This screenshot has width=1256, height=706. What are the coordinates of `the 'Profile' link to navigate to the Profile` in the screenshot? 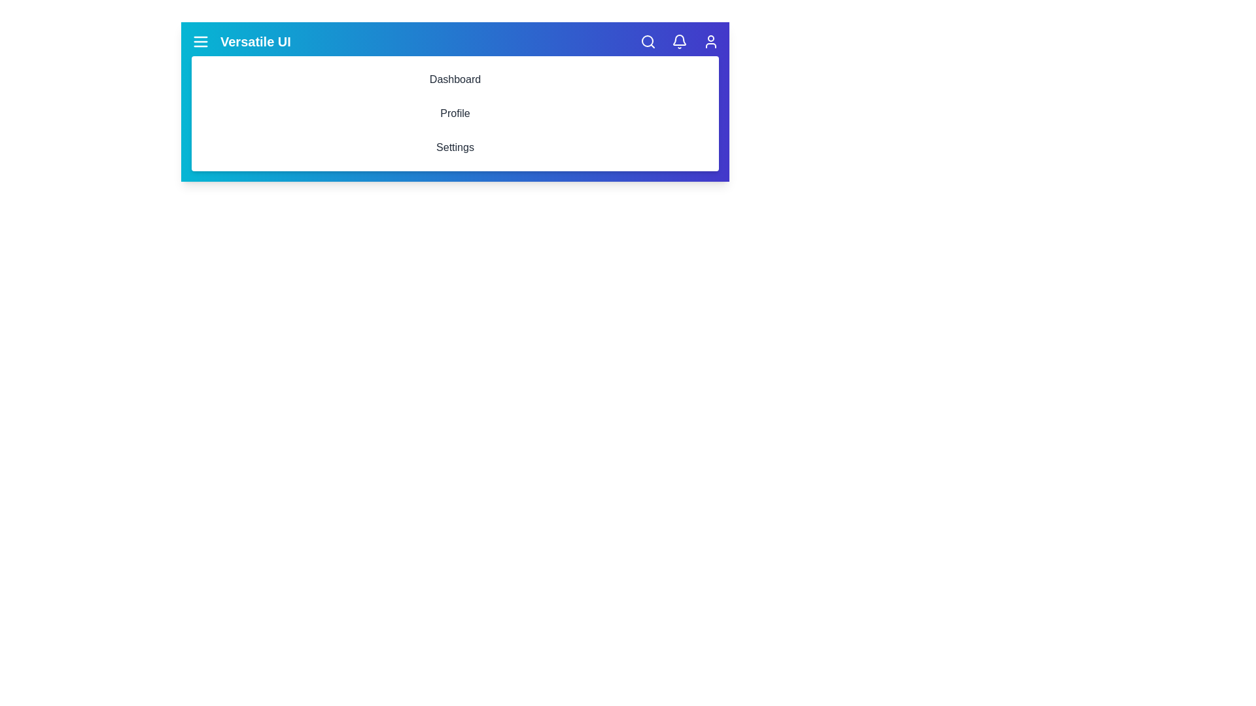 It's located at (455, 112).